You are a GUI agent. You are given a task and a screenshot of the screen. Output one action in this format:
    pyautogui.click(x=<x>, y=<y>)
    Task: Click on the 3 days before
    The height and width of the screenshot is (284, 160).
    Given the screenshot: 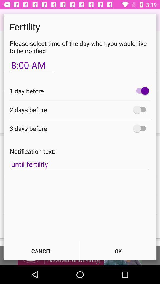 What is the action you would take?
    pyautogui.click(x=141, y=128)
    